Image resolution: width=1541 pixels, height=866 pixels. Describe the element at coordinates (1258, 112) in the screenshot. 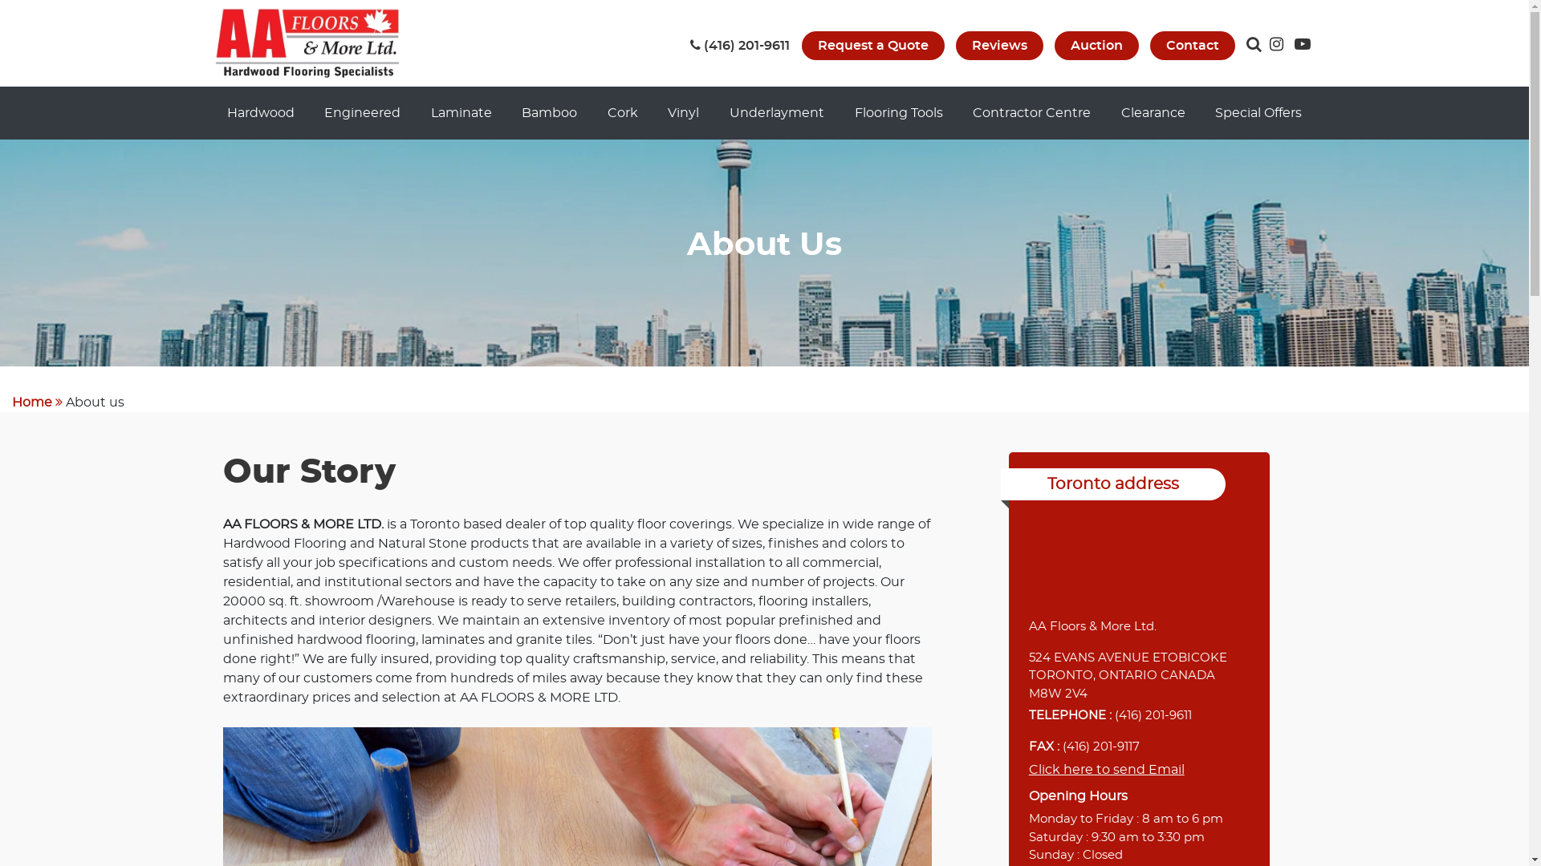

I see `'Special Offers'` at that location.